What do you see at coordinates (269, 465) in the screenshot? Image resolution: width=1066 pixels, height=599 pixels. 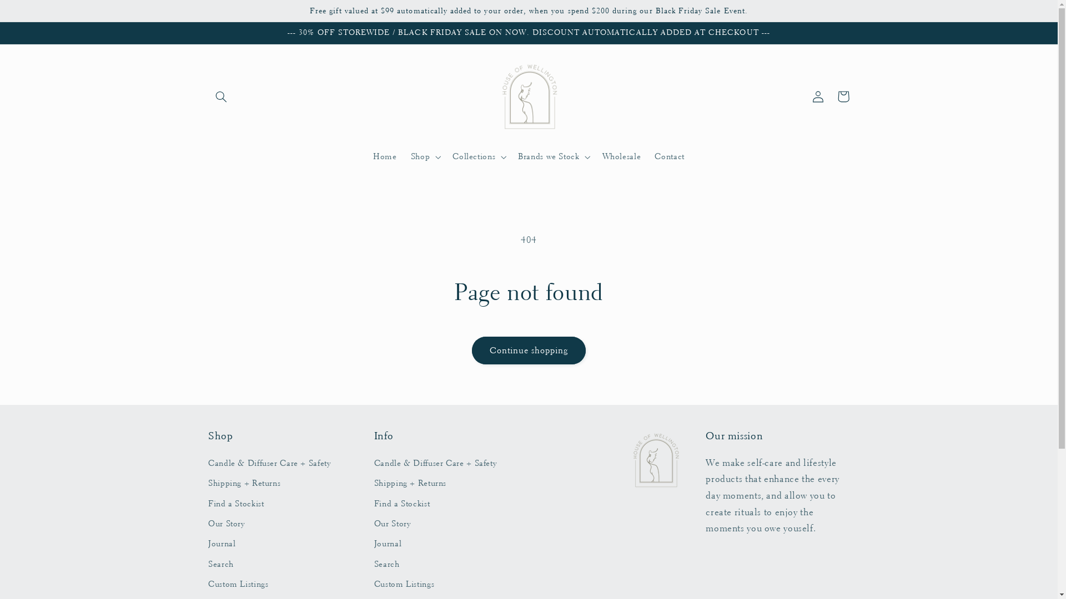 I see `'Candle & Diffuser Care + Safety'` at bounding box center [269, 465].